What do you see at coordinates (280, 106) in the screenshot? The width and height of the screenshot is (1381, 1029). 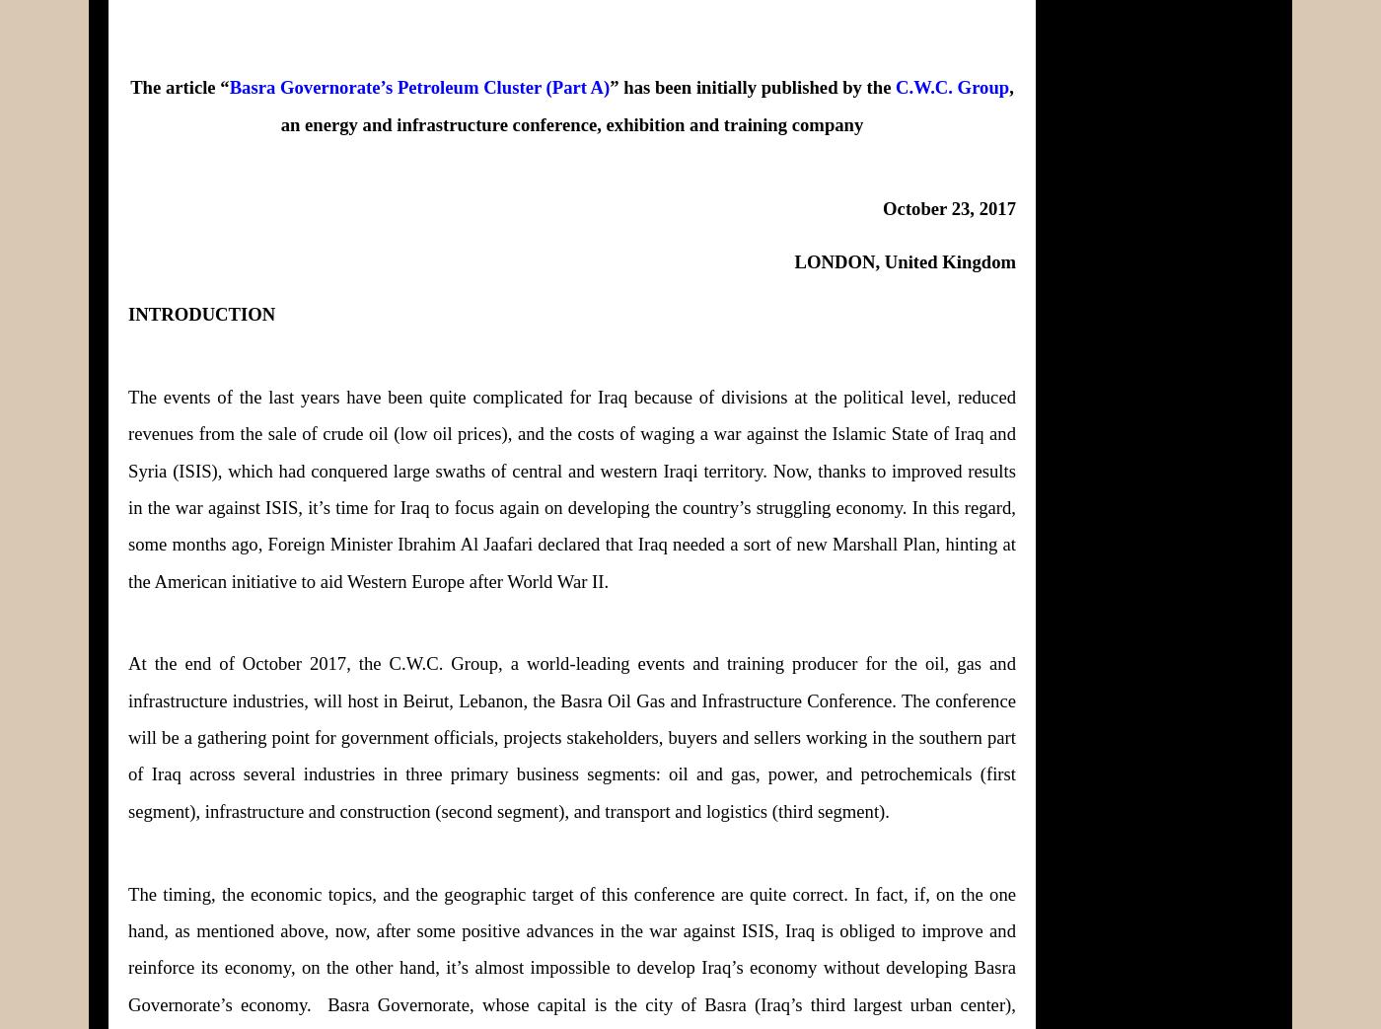 I see `', an energy
and infrastructure conference, exhibition and training company'` at bounding box center [280, 106].